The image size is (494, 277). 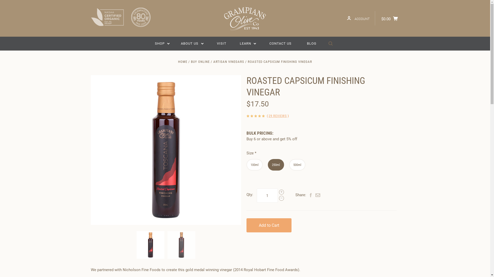 What do you see at coordinates (211, 43) in the screenshot?
I see `'VISIT'` at bounding box center [211, 43].